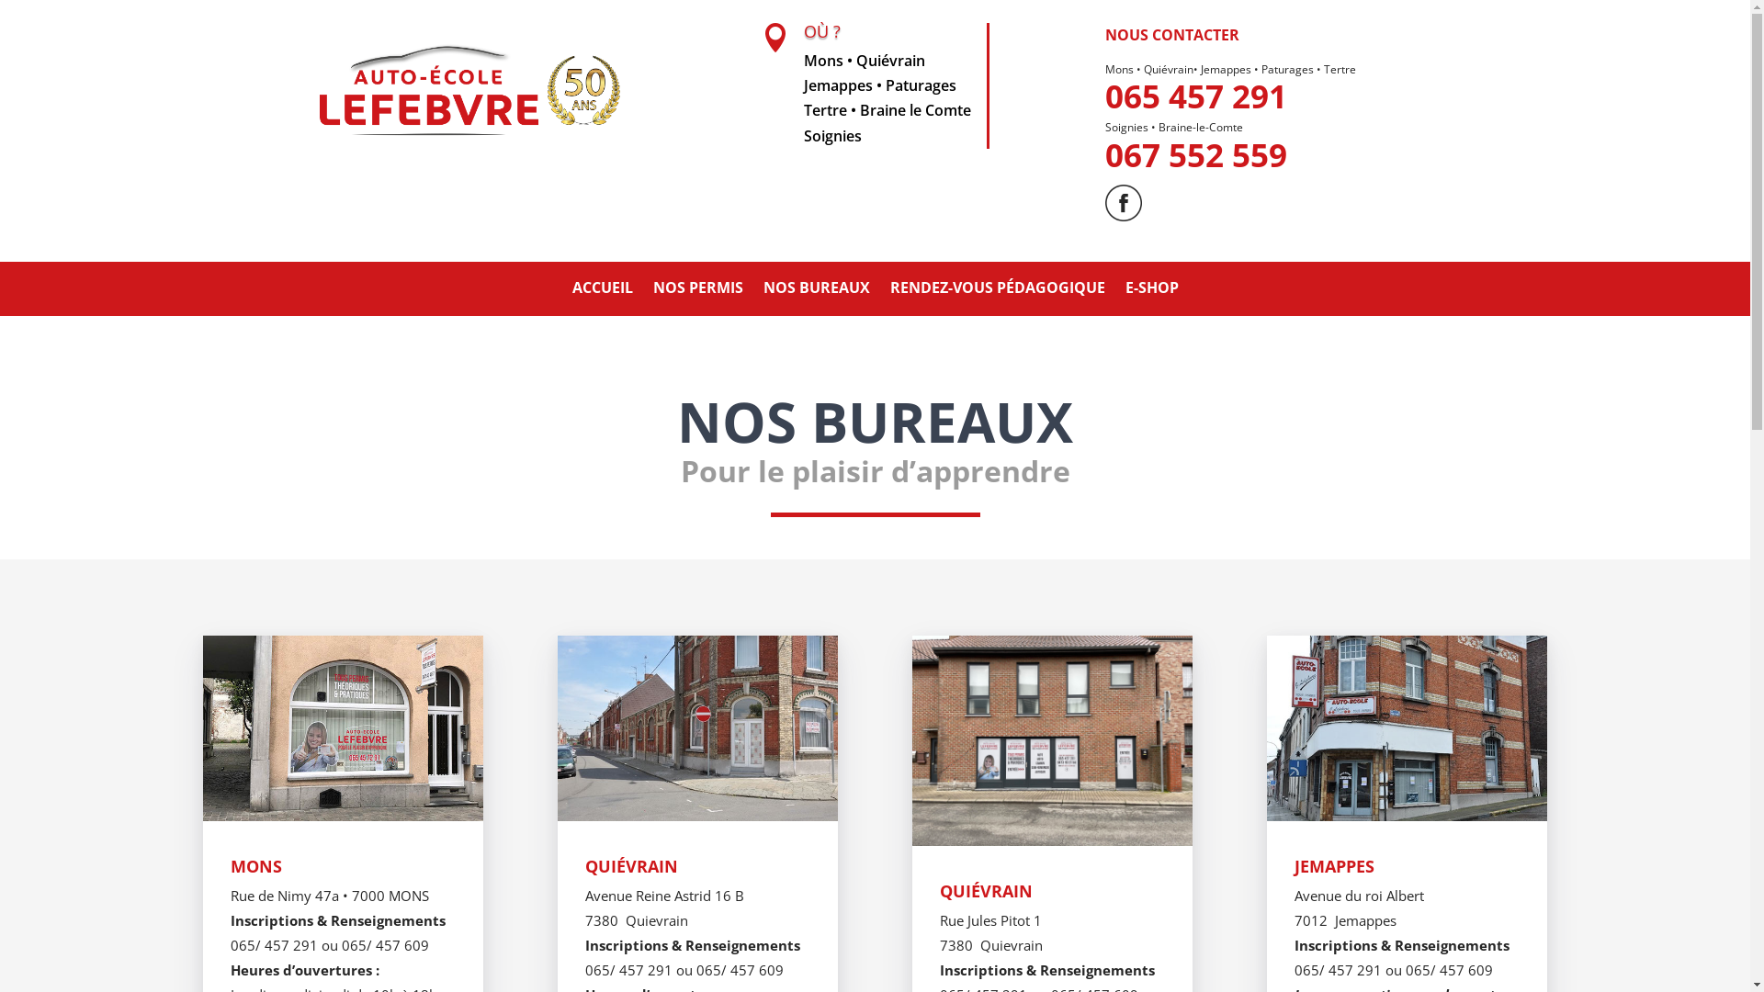 This screenshot has height=992, width=1764. What do you see at coordinates (601, 289) in the screenshot?
I see `'ACCUEIL'` at bounding box center [601, 289].